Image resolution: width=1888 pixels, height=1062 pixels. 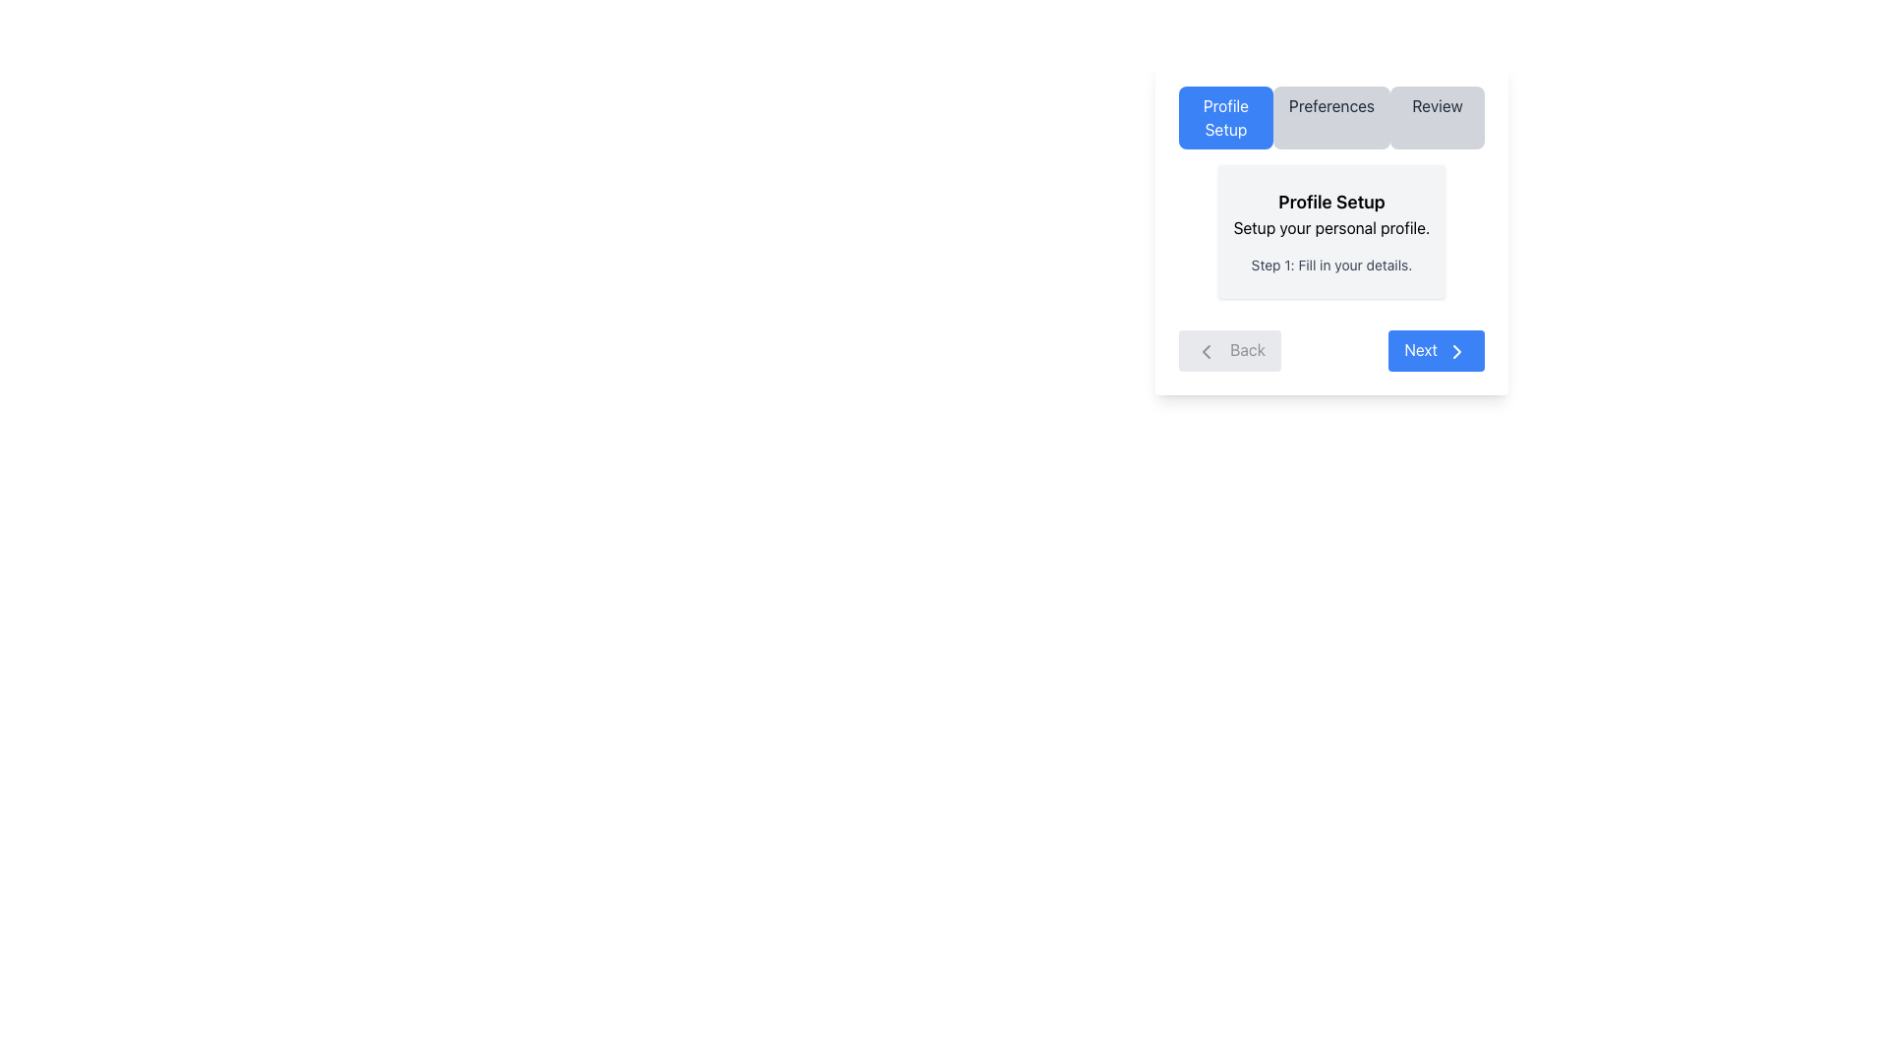 I want to click on the 'Next' button located near the bottom-right of the interface to proceed to the next step in the navigation flow, so click(x=1437, y=349).